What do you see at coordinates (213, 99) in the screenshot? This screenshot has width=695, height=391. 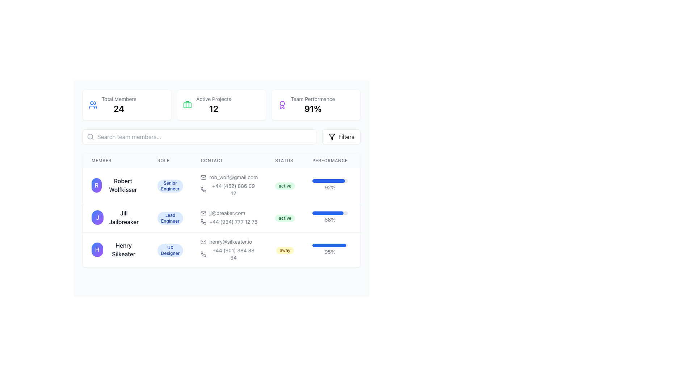 I see `the static text label that describes the active projects count, which is positioned centrally above the number '12' in the two-row layout` at bounding box center [213, 99].